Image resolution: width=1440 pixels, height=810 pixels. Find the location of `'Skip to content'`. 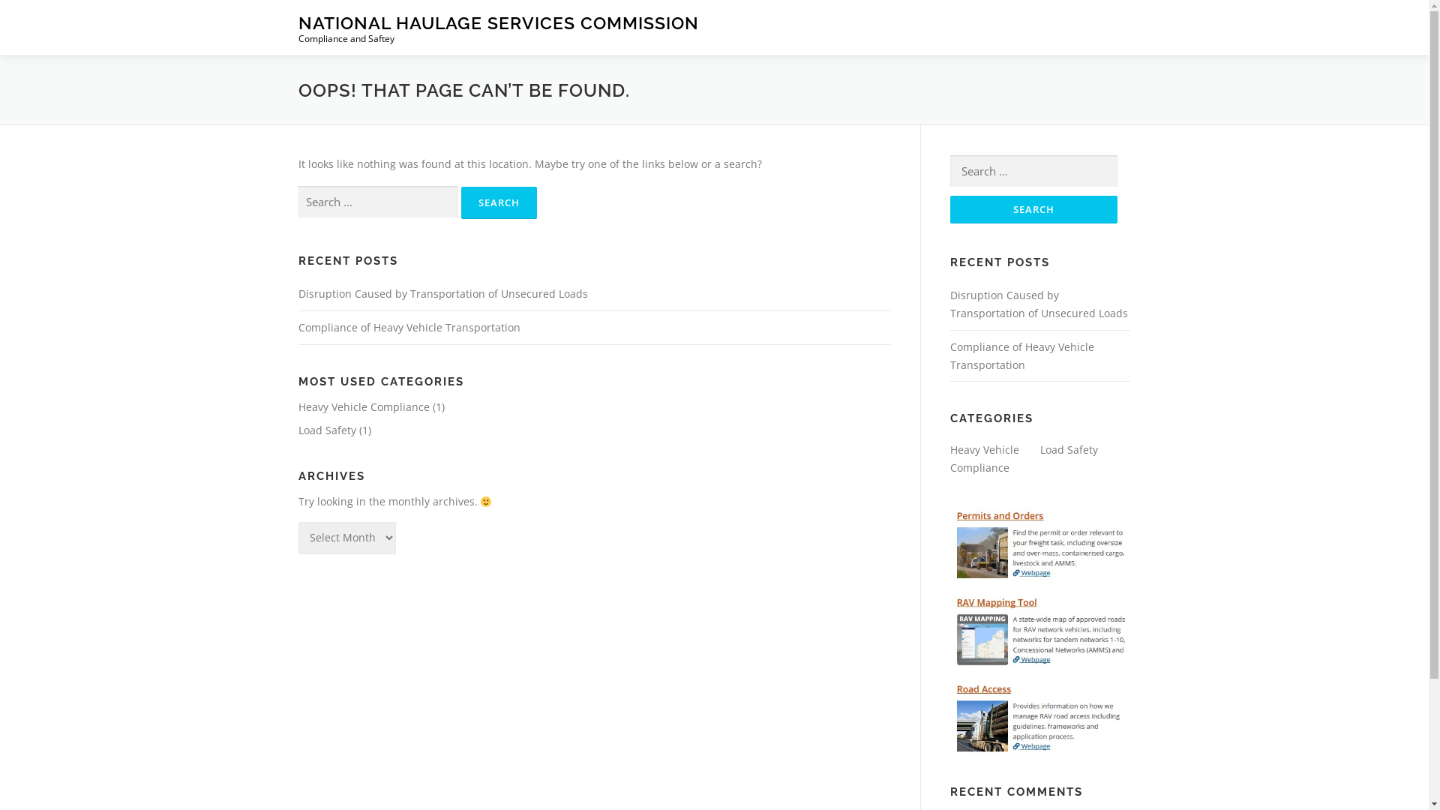

'Skip to content' is located at coordinates (37, 8).